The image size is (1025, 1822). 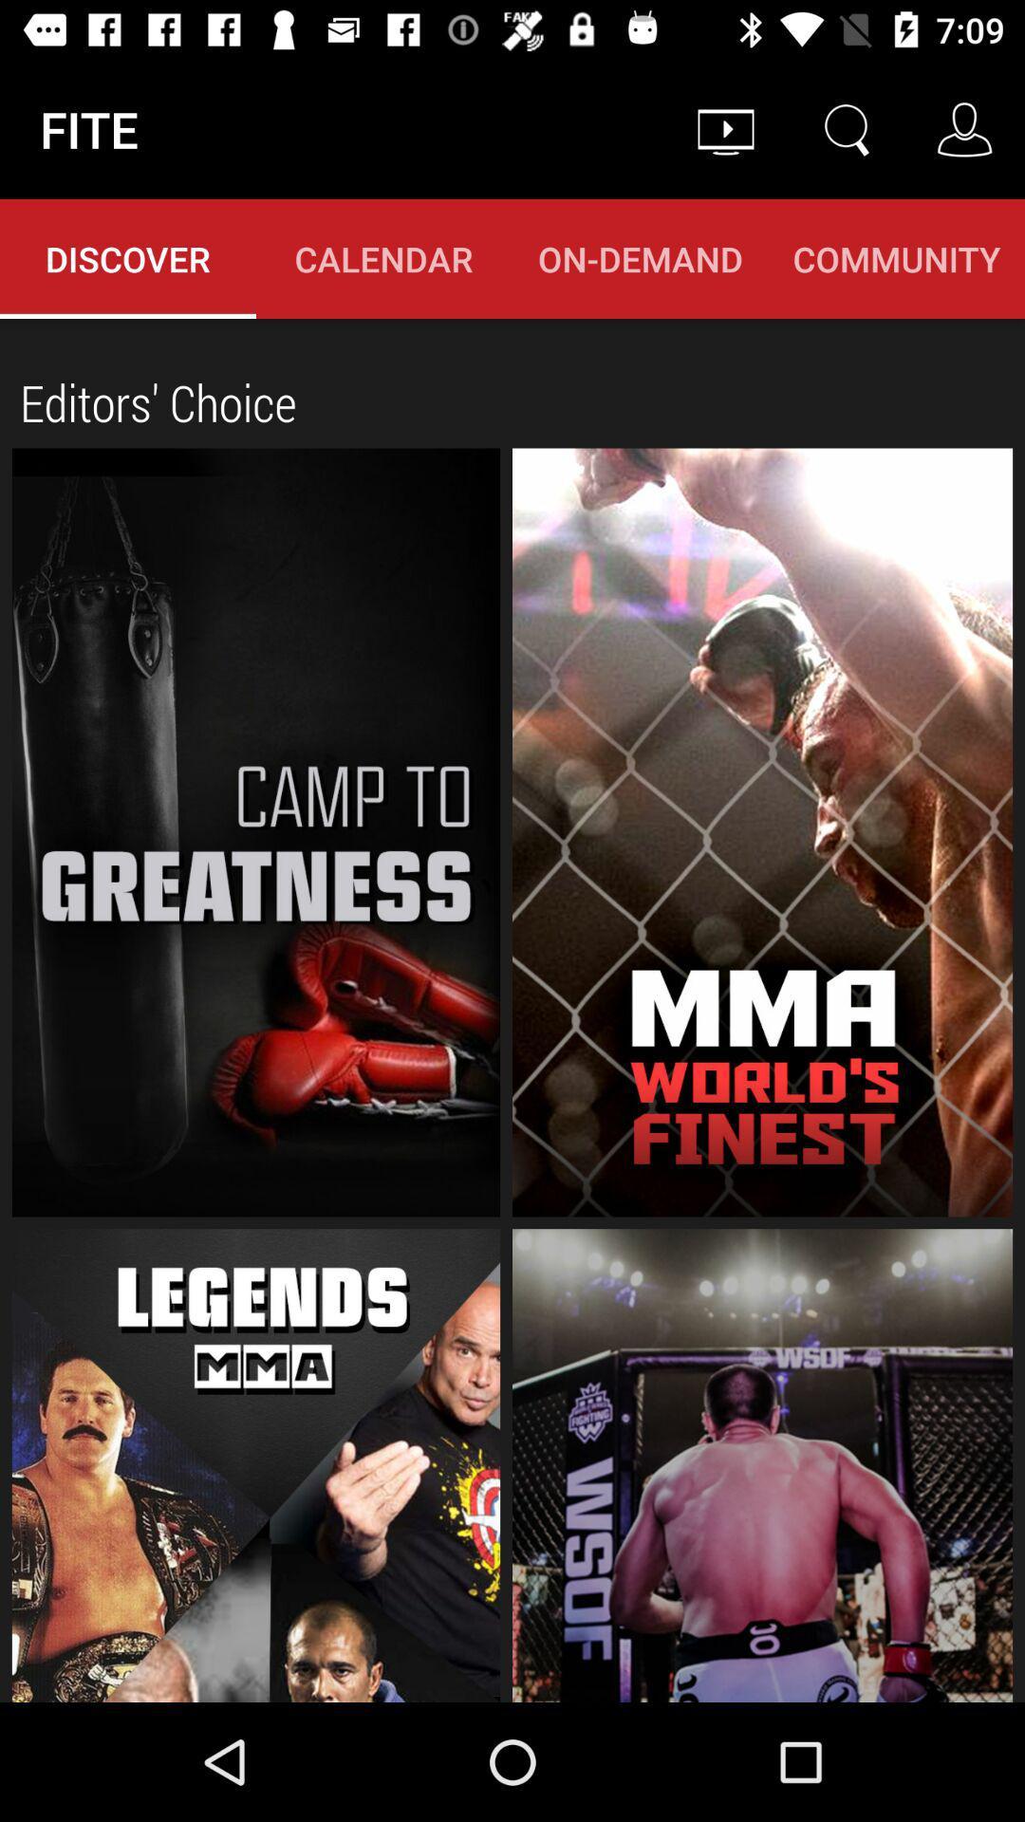 What do you see at coordinates (725, 128) in the screenshot?
I see `the item above on-demand` at bounding box center [725, 128].